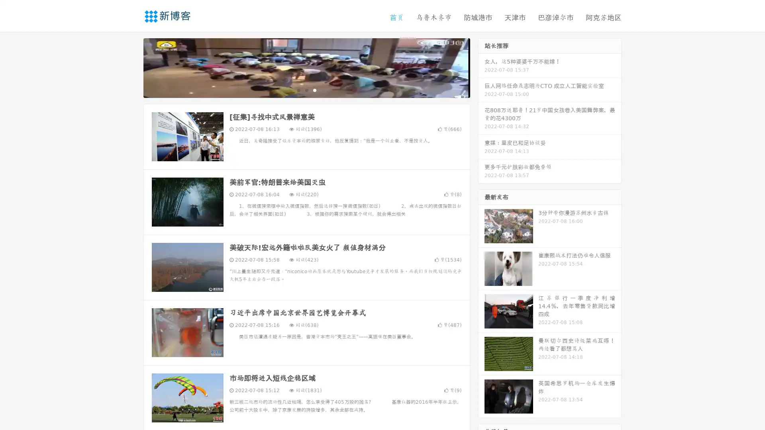 The width and height of the screenshot is (765, 430). Describe the element at coordinates (306, 90) in the screenshot. I see `Go to slide 2` at that location.